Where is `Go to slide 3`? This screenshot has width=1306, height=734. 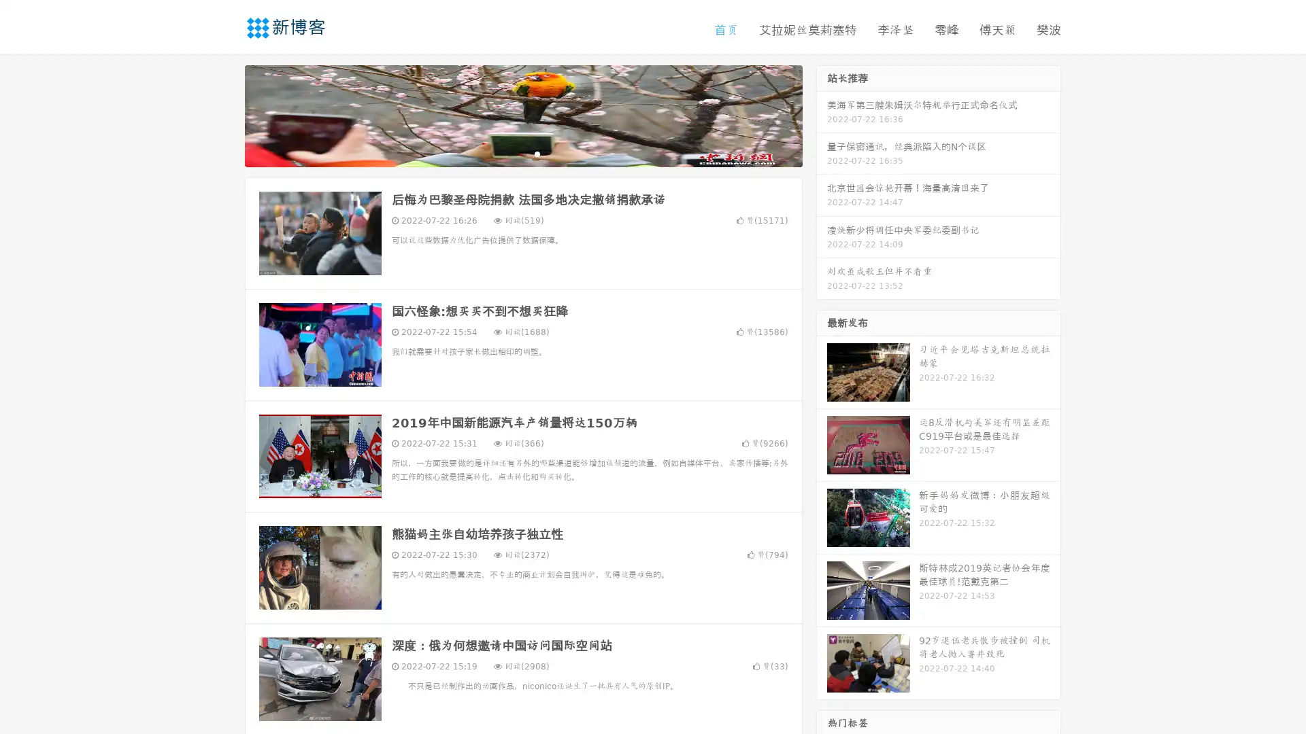
Go to slide 3 is located at coordinates (537, 153).